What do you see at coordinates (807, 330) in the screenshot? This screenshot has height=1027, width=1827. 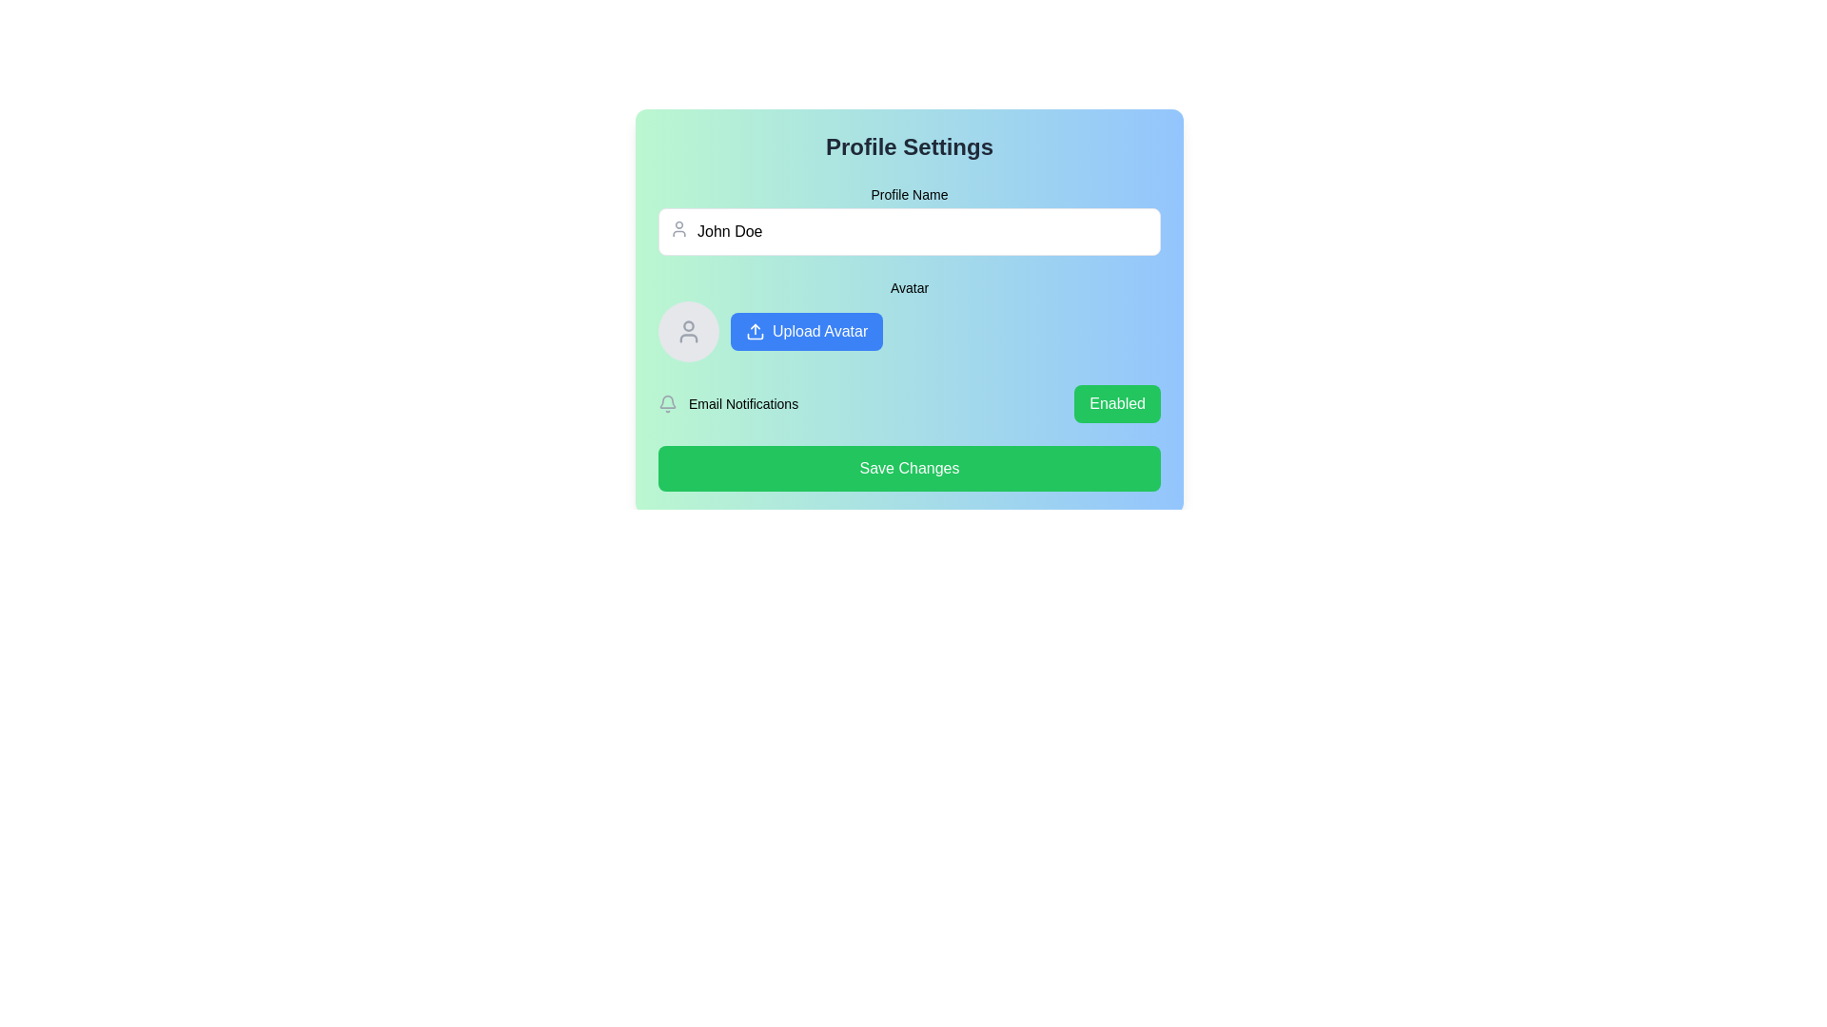 I see `the avatar upload button located below the 'Avatar' label and adjacent to the circular placeholder region` at bounding box center [807, 330].